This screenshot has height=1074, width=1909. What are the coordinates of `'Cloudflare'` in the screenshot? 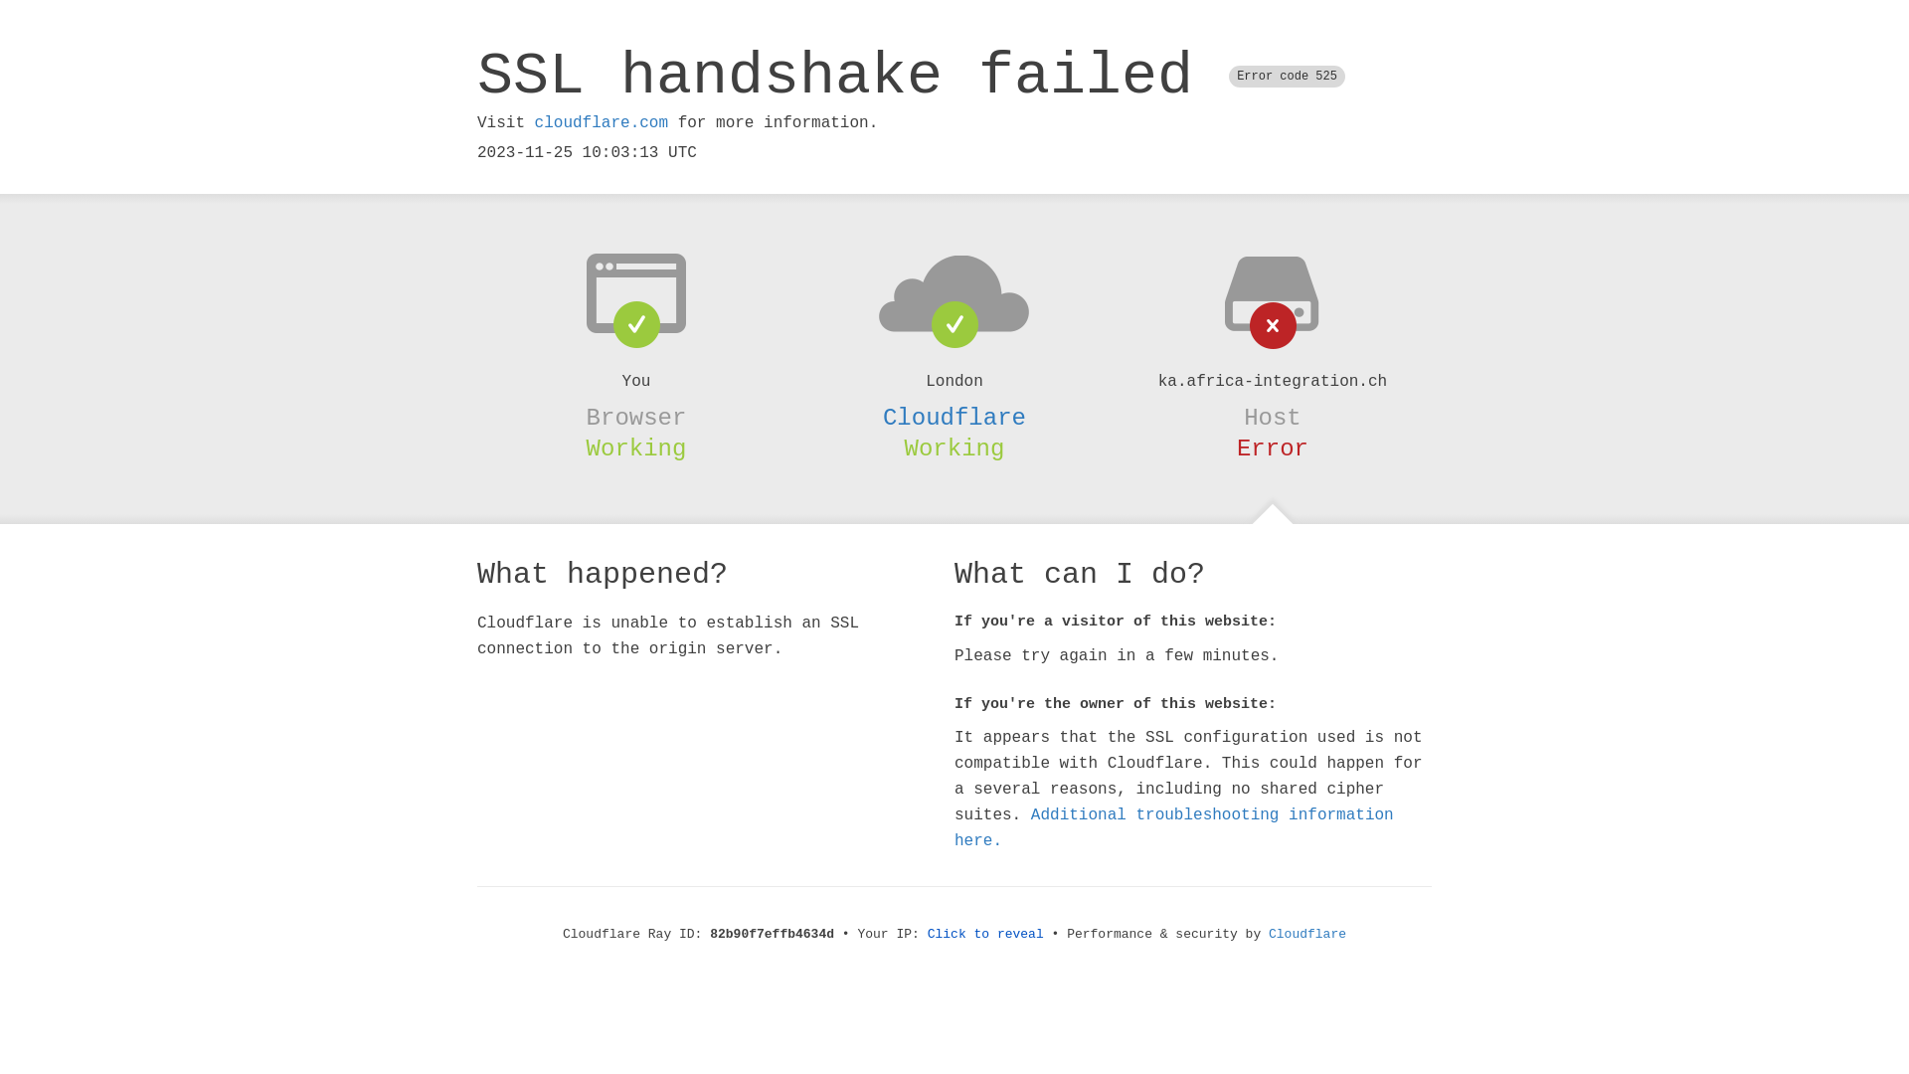 It's located at (1307, 934).